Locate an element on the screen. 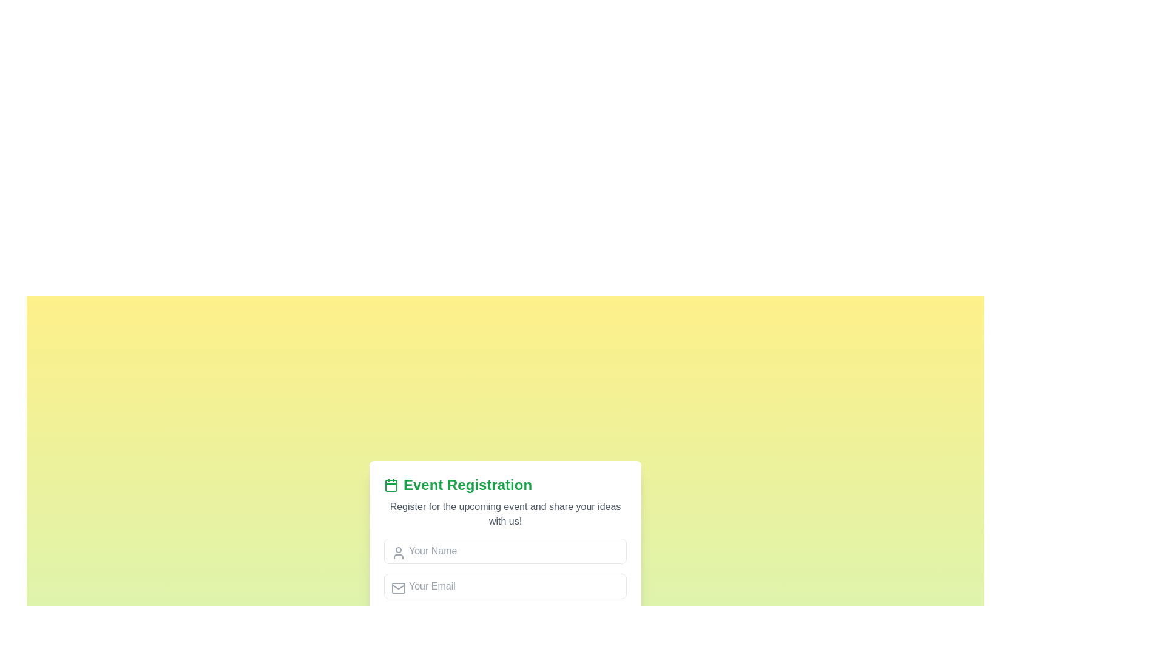 The height and width of the screenshot is (655, 1165). the calendar icon, which is an SVG-based icon with a green color positioned to the left of the 'Event Registration' text is located at coordinates (391, 484).